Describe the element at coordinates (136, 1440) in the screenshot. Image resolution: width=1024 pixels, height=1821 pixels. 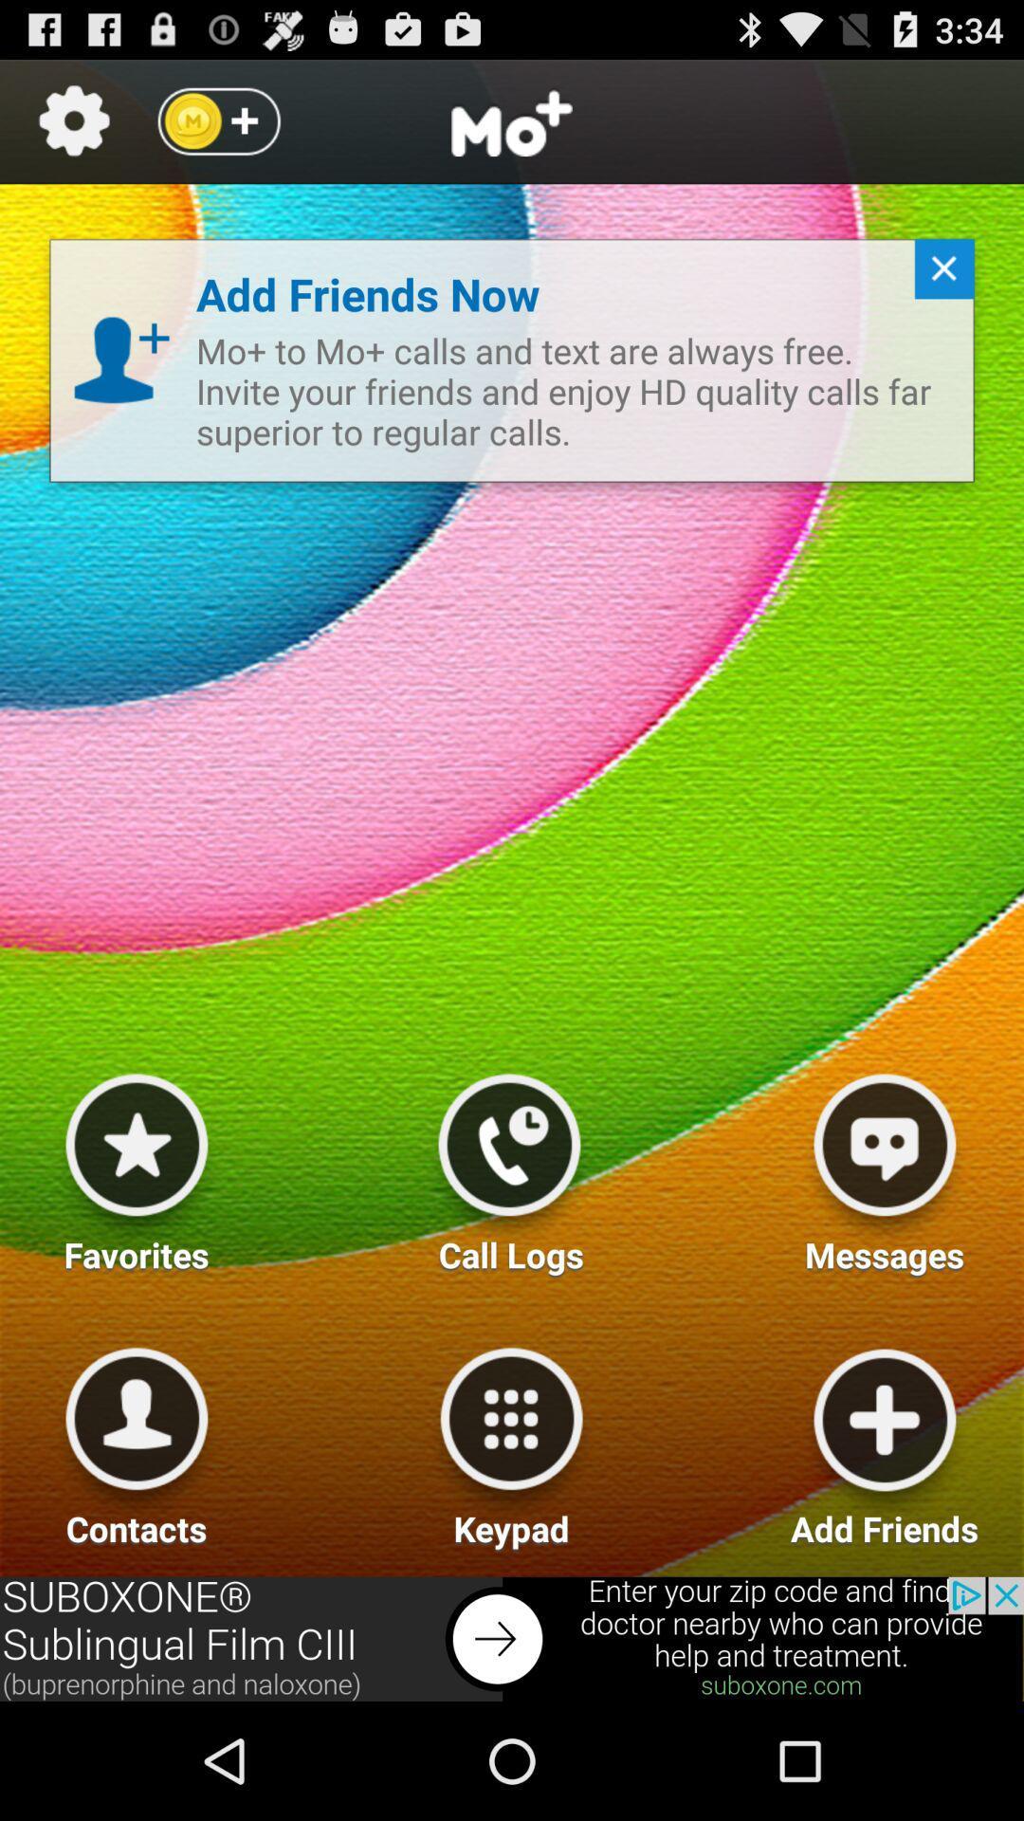
I see `contact button` at that location.